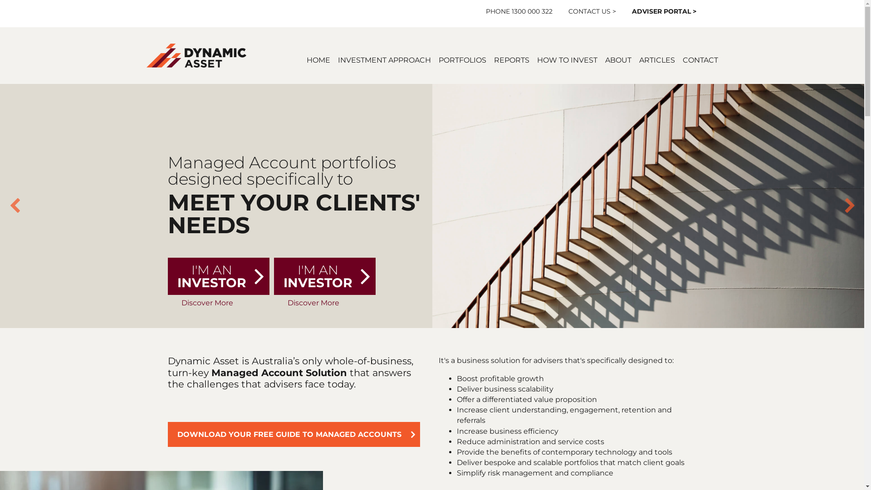 This screenshot has height=490, width=871. I want to click on 'ARTICLES', so click(638, 60).